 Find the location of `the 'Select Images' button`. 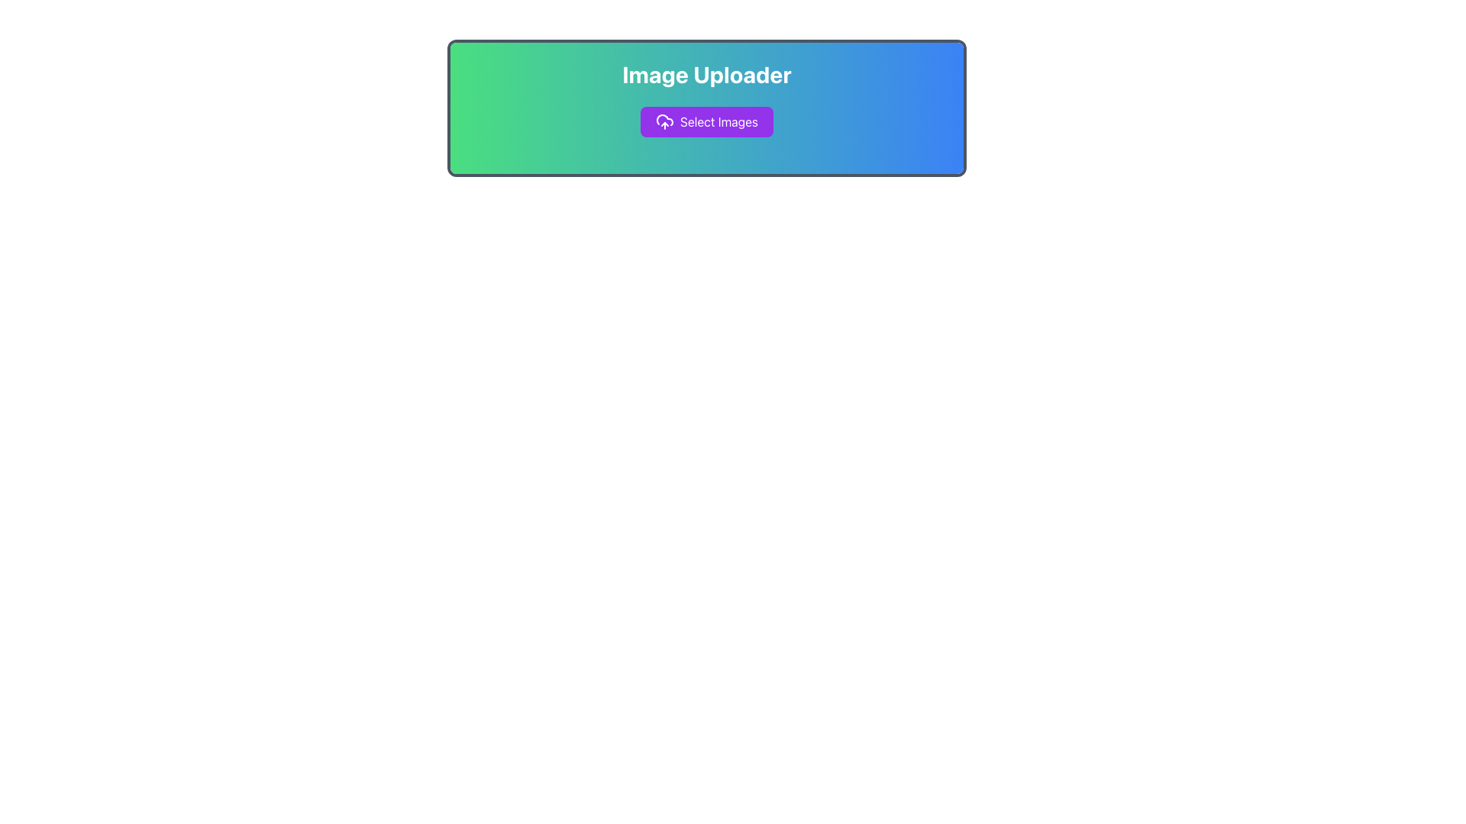

the 'Select Images' button is located at coordinates (706, 121).